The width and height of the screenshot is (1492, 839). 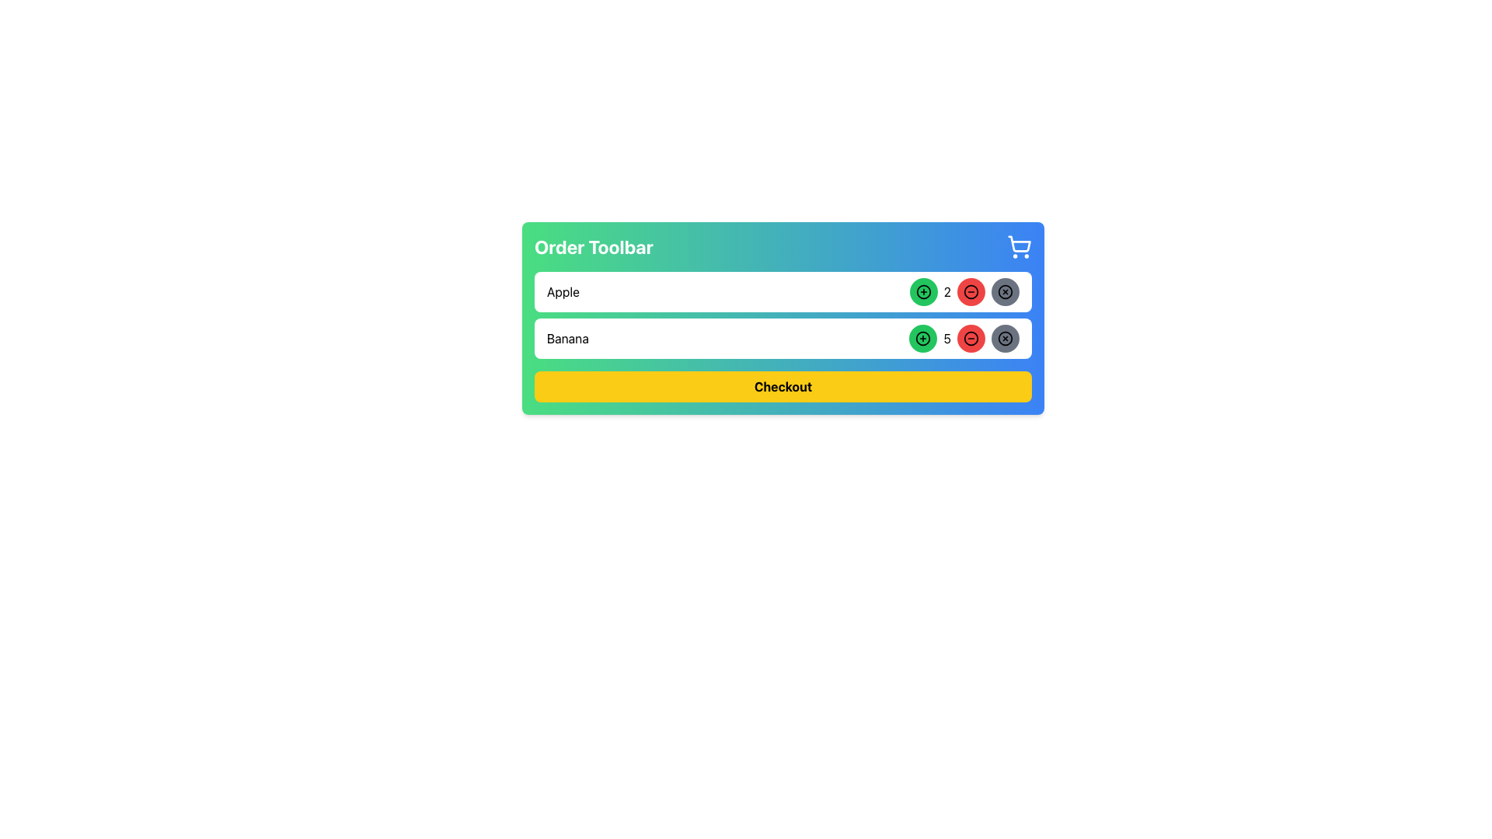 What do you see at coordinates (970, 337) in the screenshot?
I see `the decrement button located in the 'Banana' row, which is the second control button from the left` at bounding box center [970, 337].